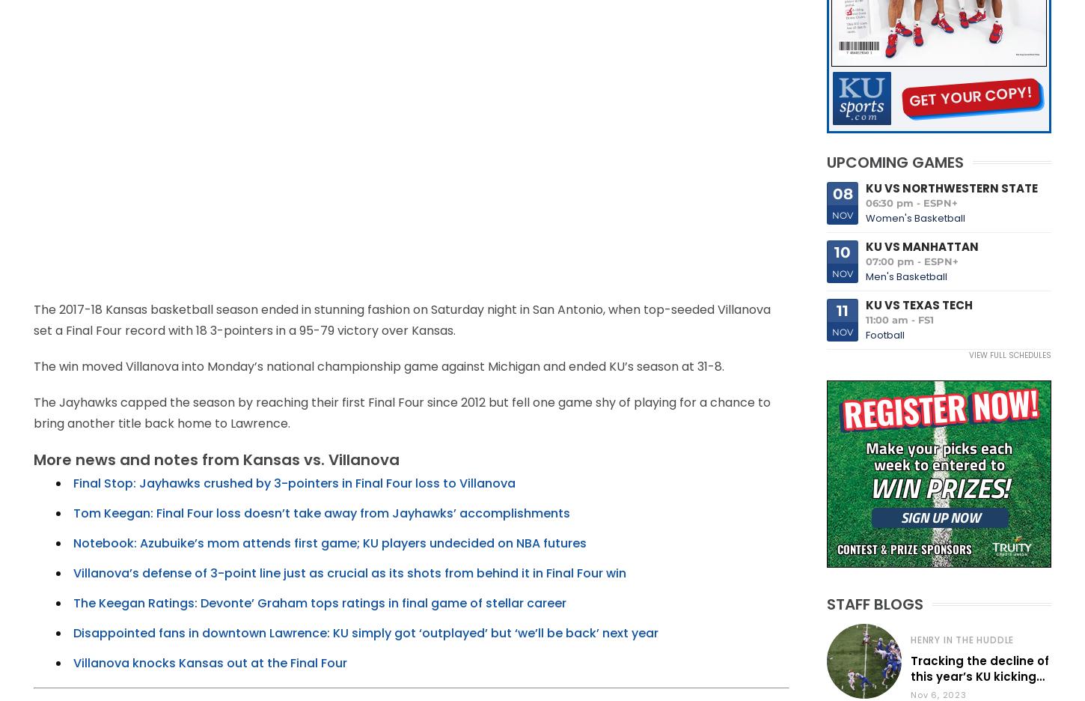 This screenshot has width=1085, height=701. What do you see at coordinates (915, 218) in the screenshot?
I see `'Women's Basketball'` at bounding box center [915, 218].